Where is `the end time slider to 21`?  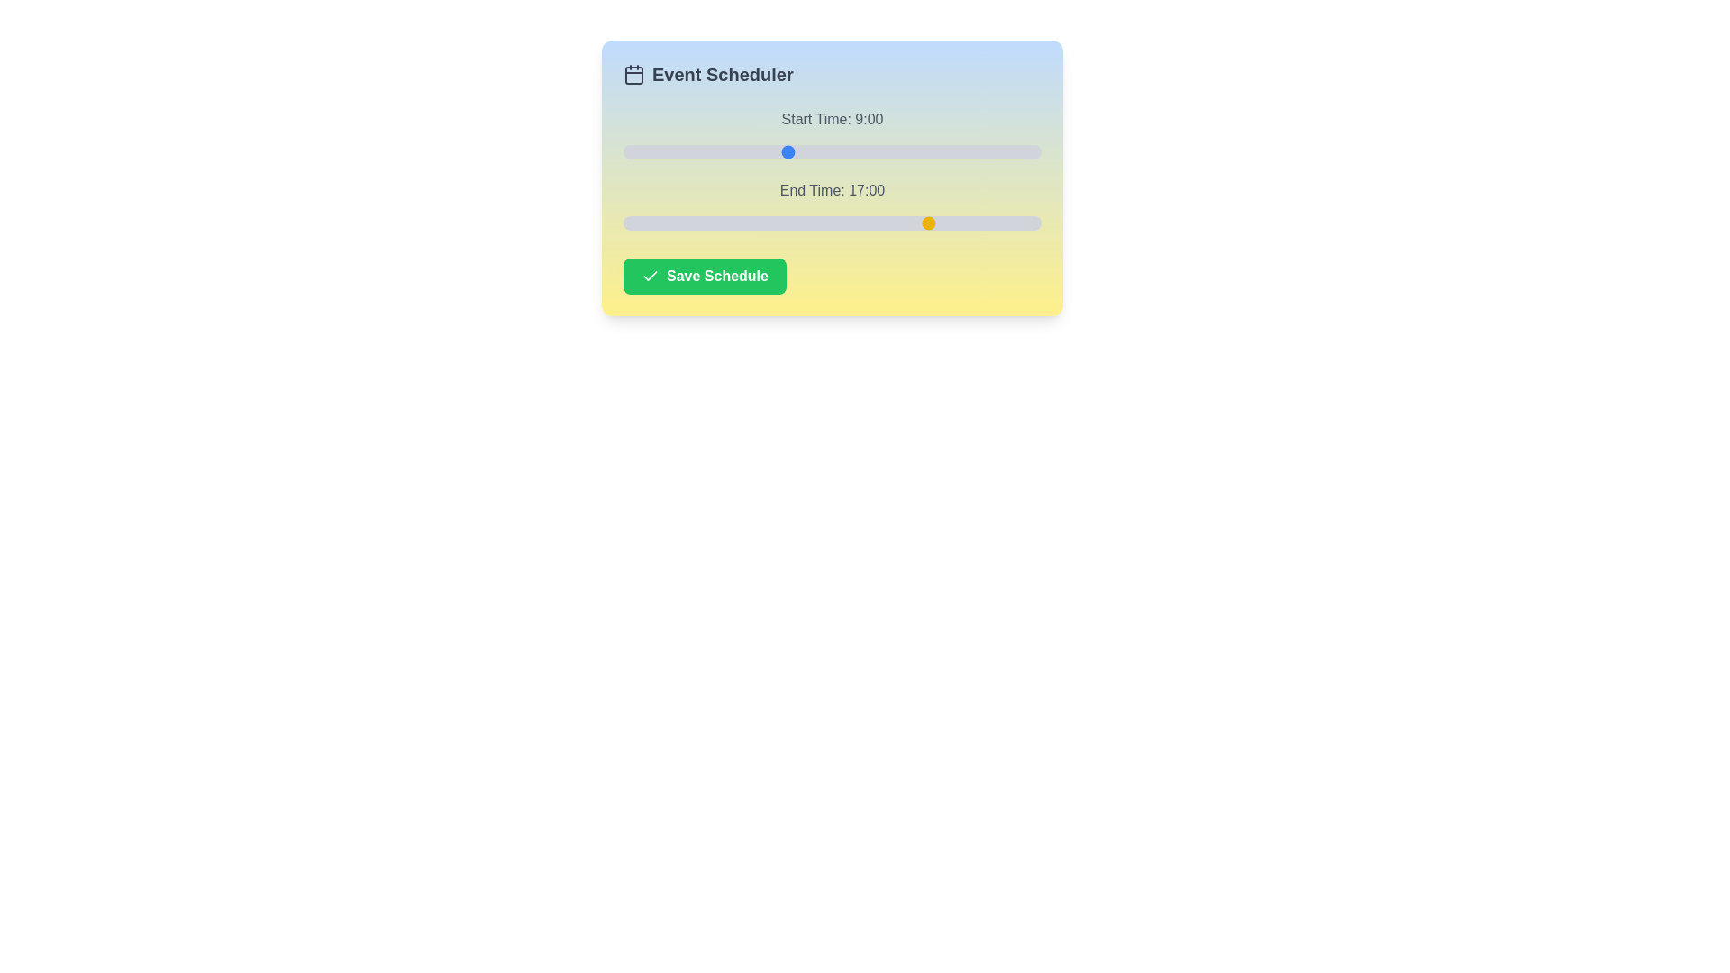 the end time slider to 21 is located at coordinates (1004, 222).